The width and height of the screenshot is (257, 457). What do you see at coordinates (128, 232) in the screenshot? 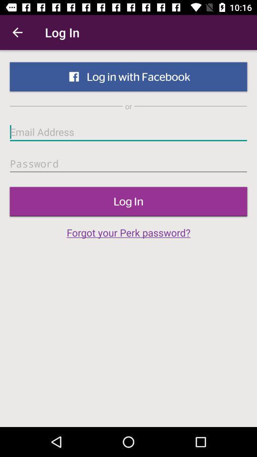
I see `forgot your perk` at bounding box center [128, 232].